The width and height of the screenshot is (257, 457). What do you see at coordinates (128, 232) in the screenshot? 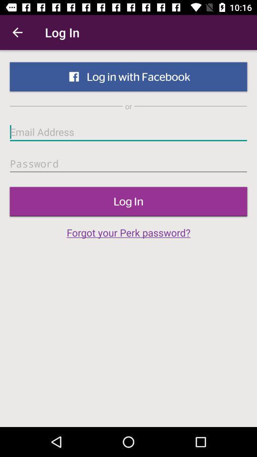
I see `forgot your perk` at bounding box center [128, 232].